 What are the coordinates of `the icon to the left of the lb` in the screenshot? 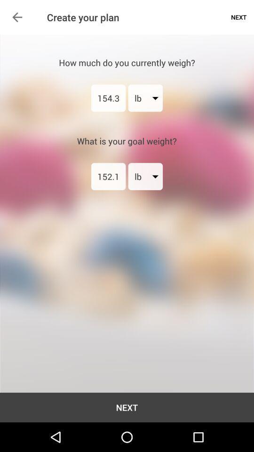 It's located at (108, 98).